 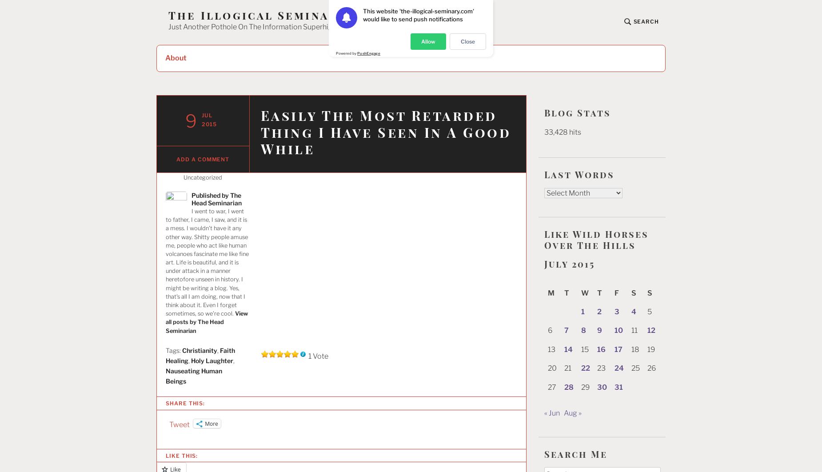 What do you see at coordinates (618, 330) in the screenshot?
I see `'10'` at bounding box center [618, 330].